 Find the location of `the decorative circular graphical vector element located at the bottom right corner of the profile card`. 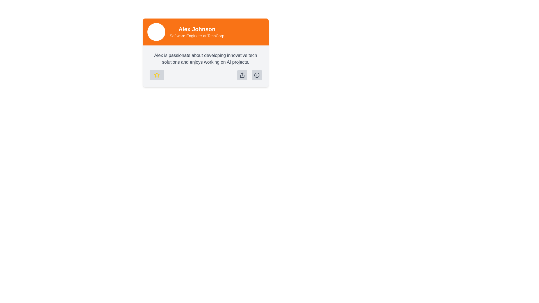

the decorative circular graphical vector element located at the bottom right corner of the profile card is located at coordinates (256, 75).